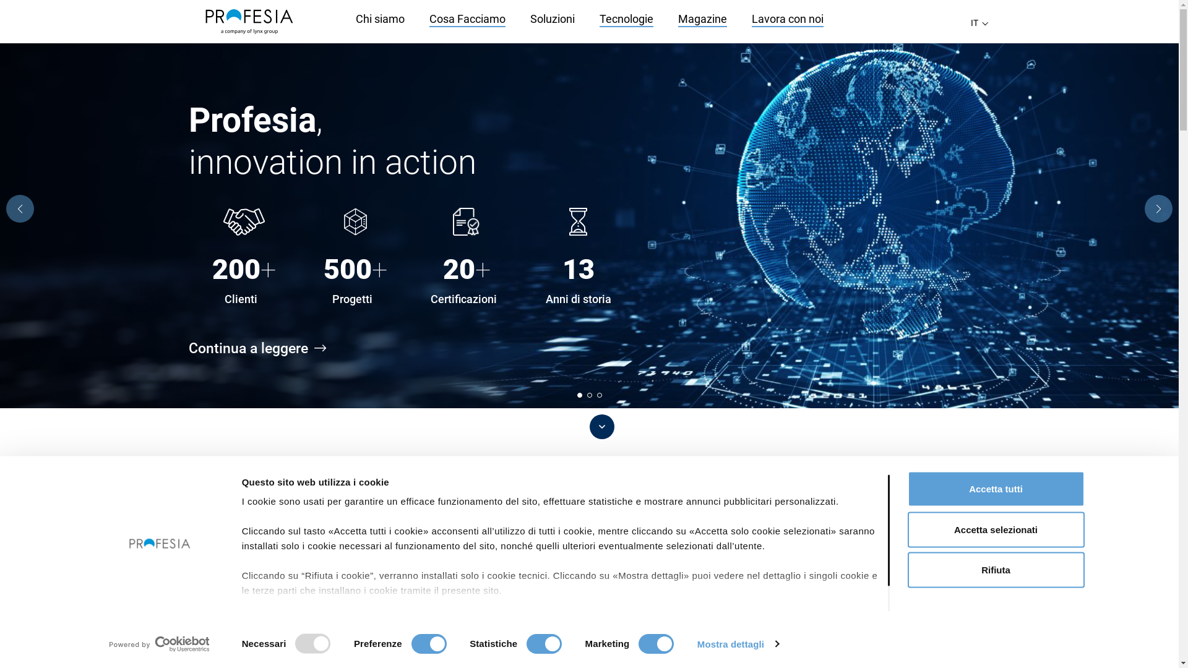  Describe the element at coordinates (626, 19) in the screenshot. I see `'Tecnologie'` at that location.